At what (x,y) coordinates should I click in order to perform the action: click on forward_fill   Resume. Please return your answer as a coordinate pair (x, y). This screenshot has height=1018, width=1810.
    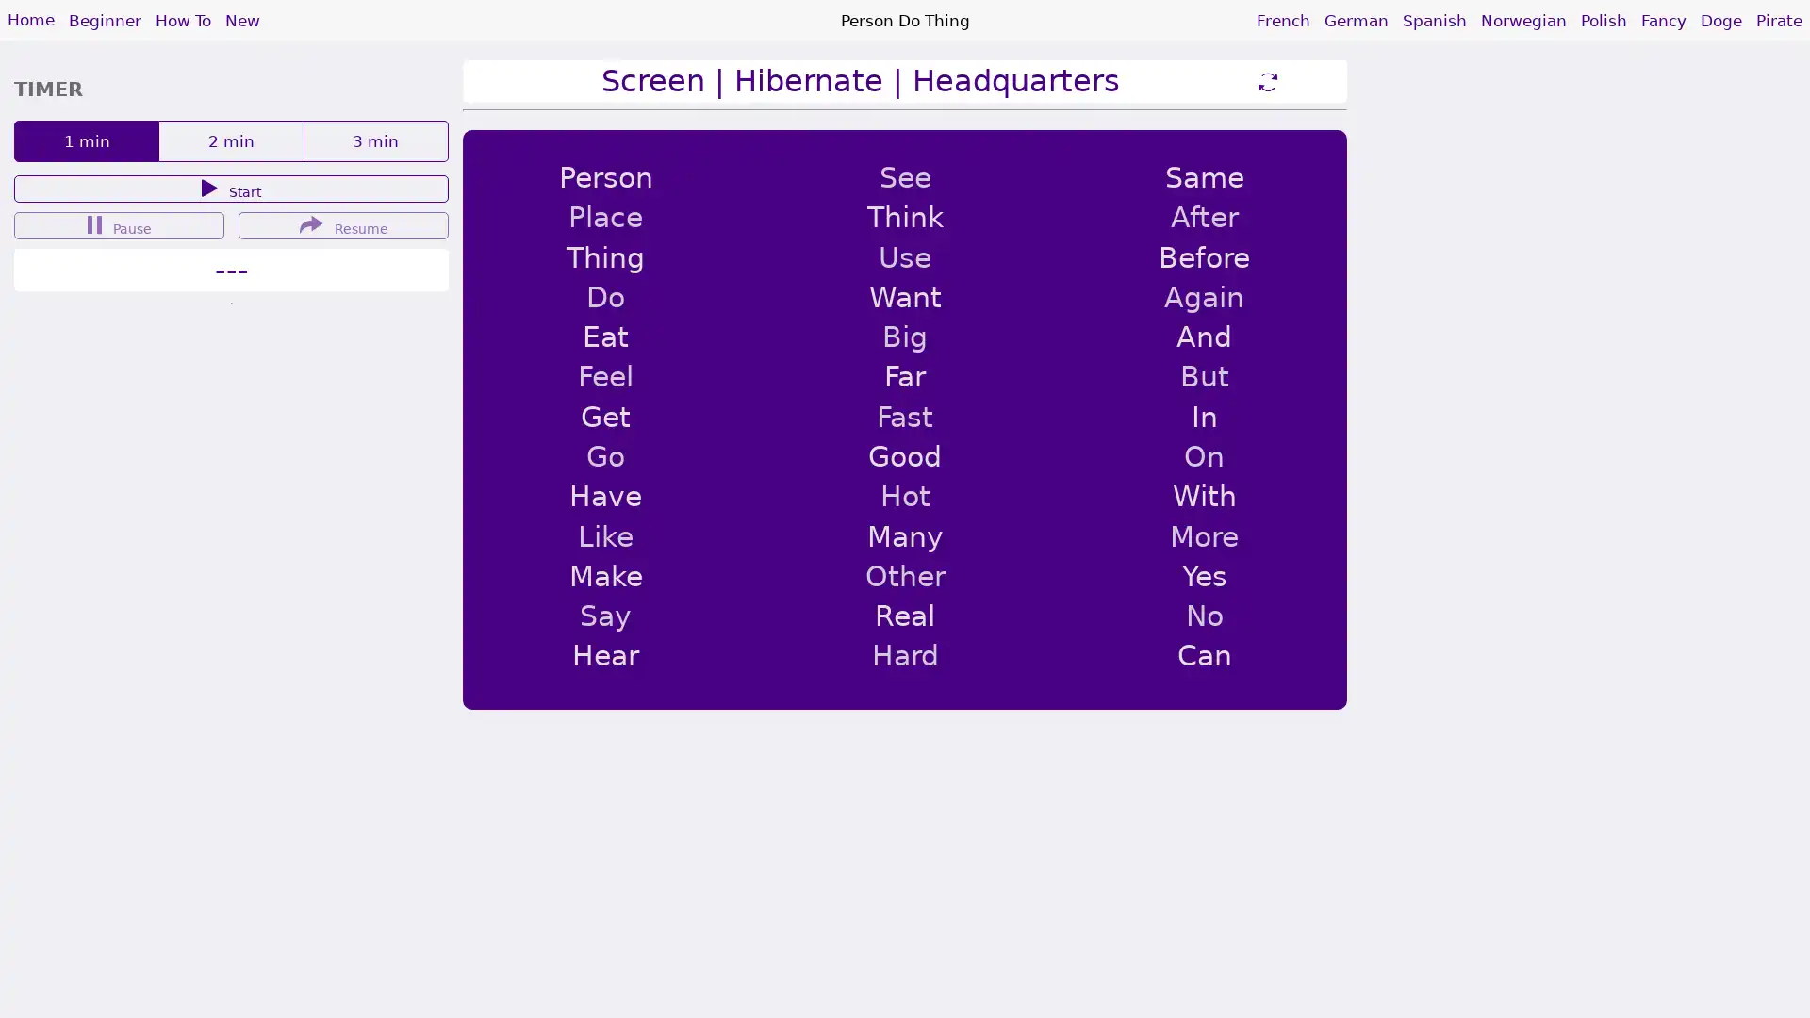
    Looking at the image, I should click on (343, 224).